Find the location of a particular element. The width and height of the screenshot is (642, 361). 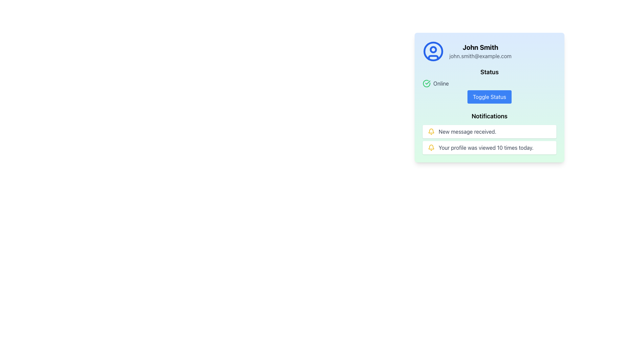

the toggle button located below the 'Online' status icon to change the user's online/offline status is located at coordinates (490, 97).